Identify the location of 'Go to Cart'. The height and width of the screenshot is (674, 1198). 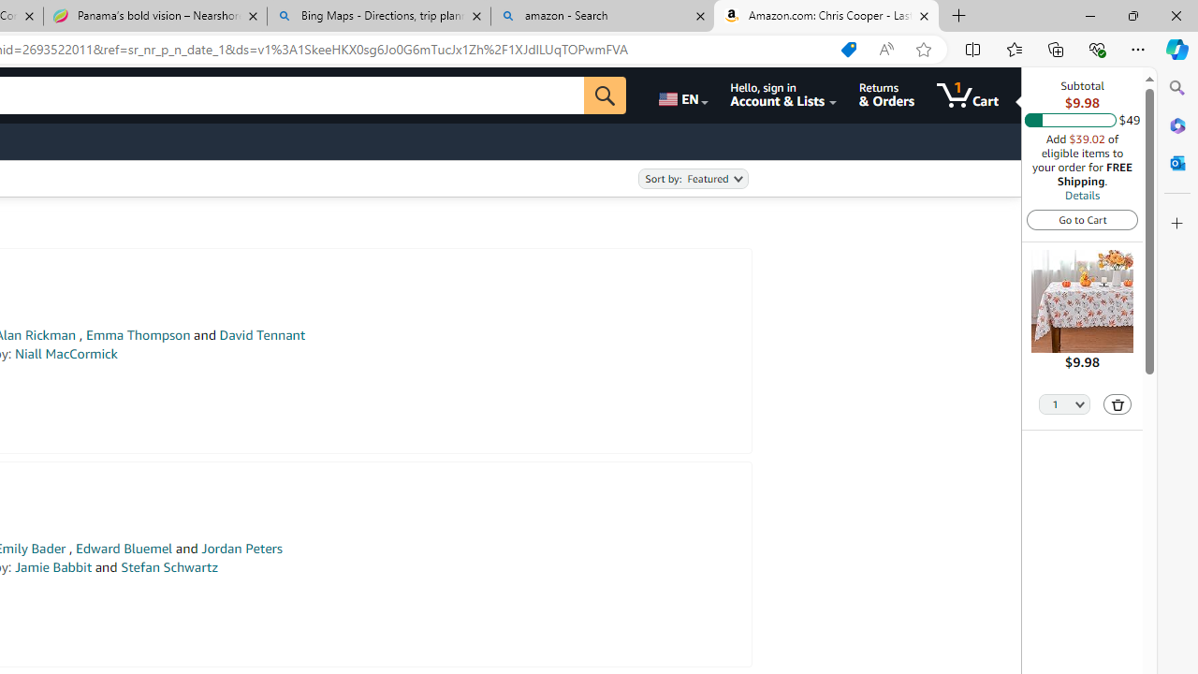
(1082, 218).